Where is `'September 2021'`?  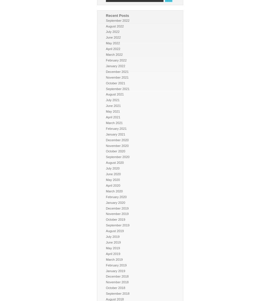 'September 2021' is located at coordinates (117, 89).